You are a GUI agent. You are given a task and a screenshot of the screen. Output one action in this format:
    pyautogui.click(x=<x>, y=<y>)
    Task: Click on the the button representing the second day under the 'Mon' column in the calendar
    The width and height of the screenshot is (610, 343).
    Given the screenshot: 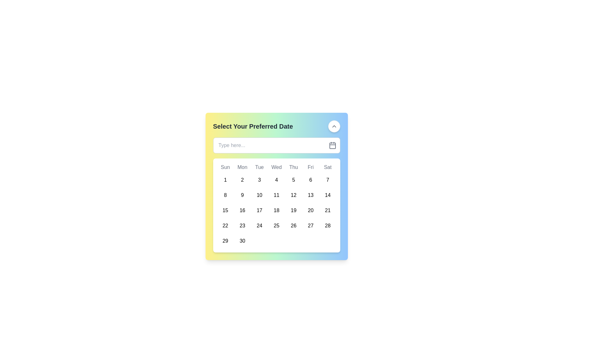 What is the action you would take?
    pyautogui.click(x=242, y=180)
    